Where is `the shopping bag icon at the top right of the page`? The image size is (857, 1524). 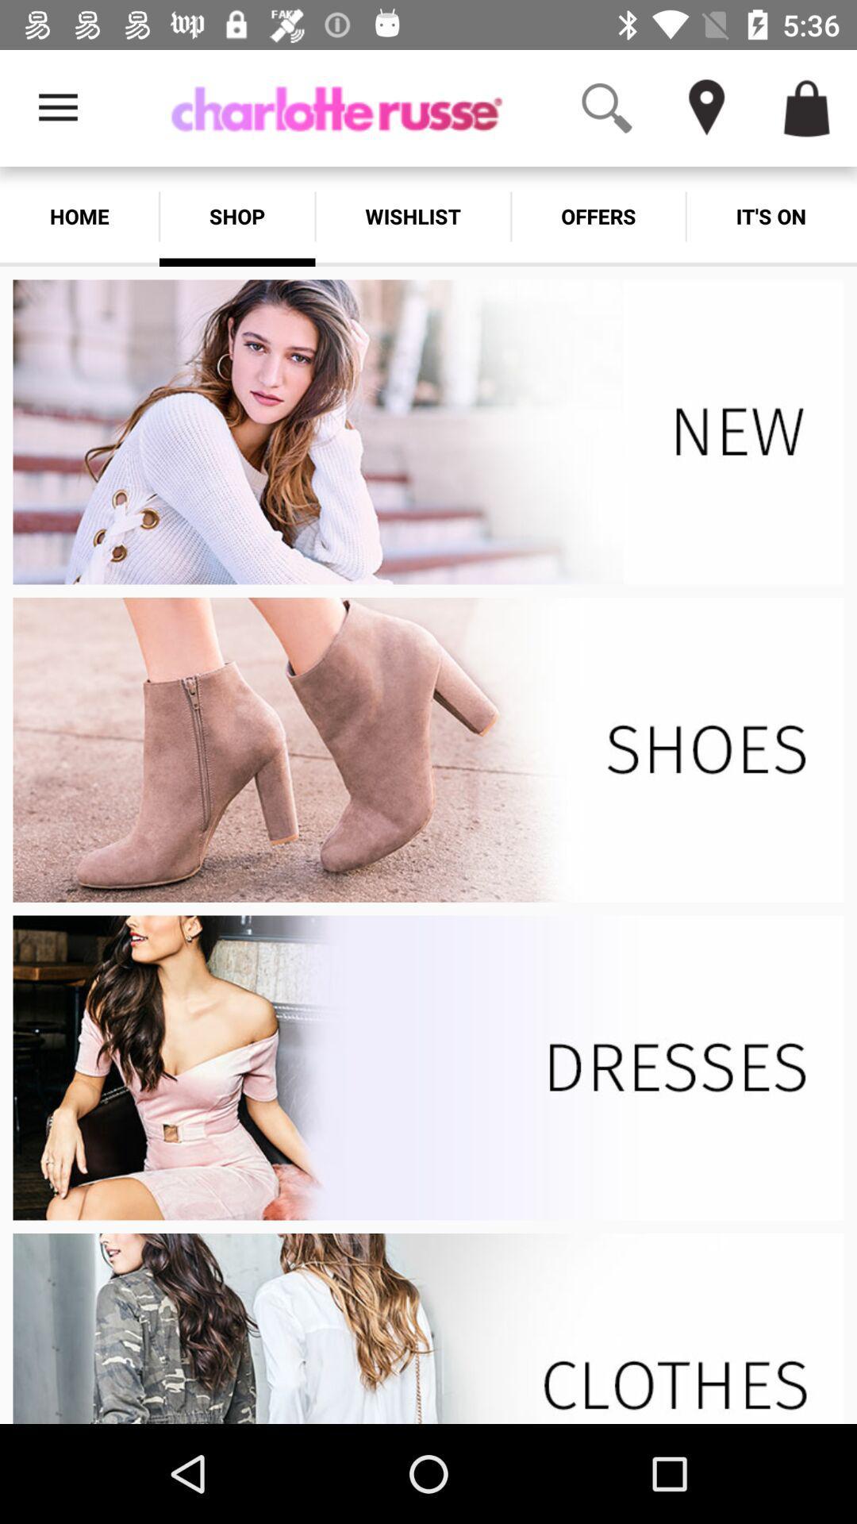 the shopping bag icon at the top right of the page is located at coordinates (807, 108).